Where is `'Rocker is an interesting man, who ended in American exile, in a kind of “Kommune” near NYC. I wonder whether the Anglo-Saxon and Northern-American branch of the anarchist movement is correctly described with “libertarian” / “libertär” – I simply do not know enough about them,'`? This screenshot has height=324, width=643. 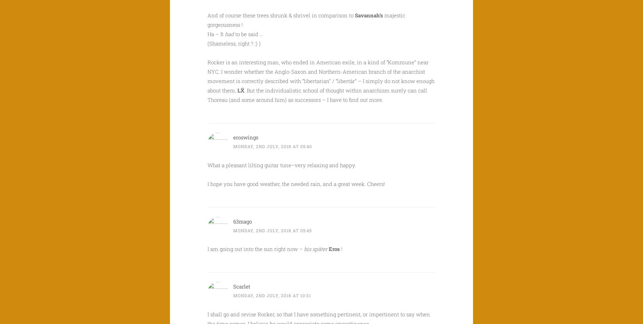 'Rocker is an interesting man, who ended in American exile, in a kind of “Kommune” near NYC. I wonder whether the Anglo-Saxon and Northern-American branch of the anarchist movement is correctly described with “libertarian” / “libertär” – I simply do not know enough about them,' is located at coordinates (321, 76).